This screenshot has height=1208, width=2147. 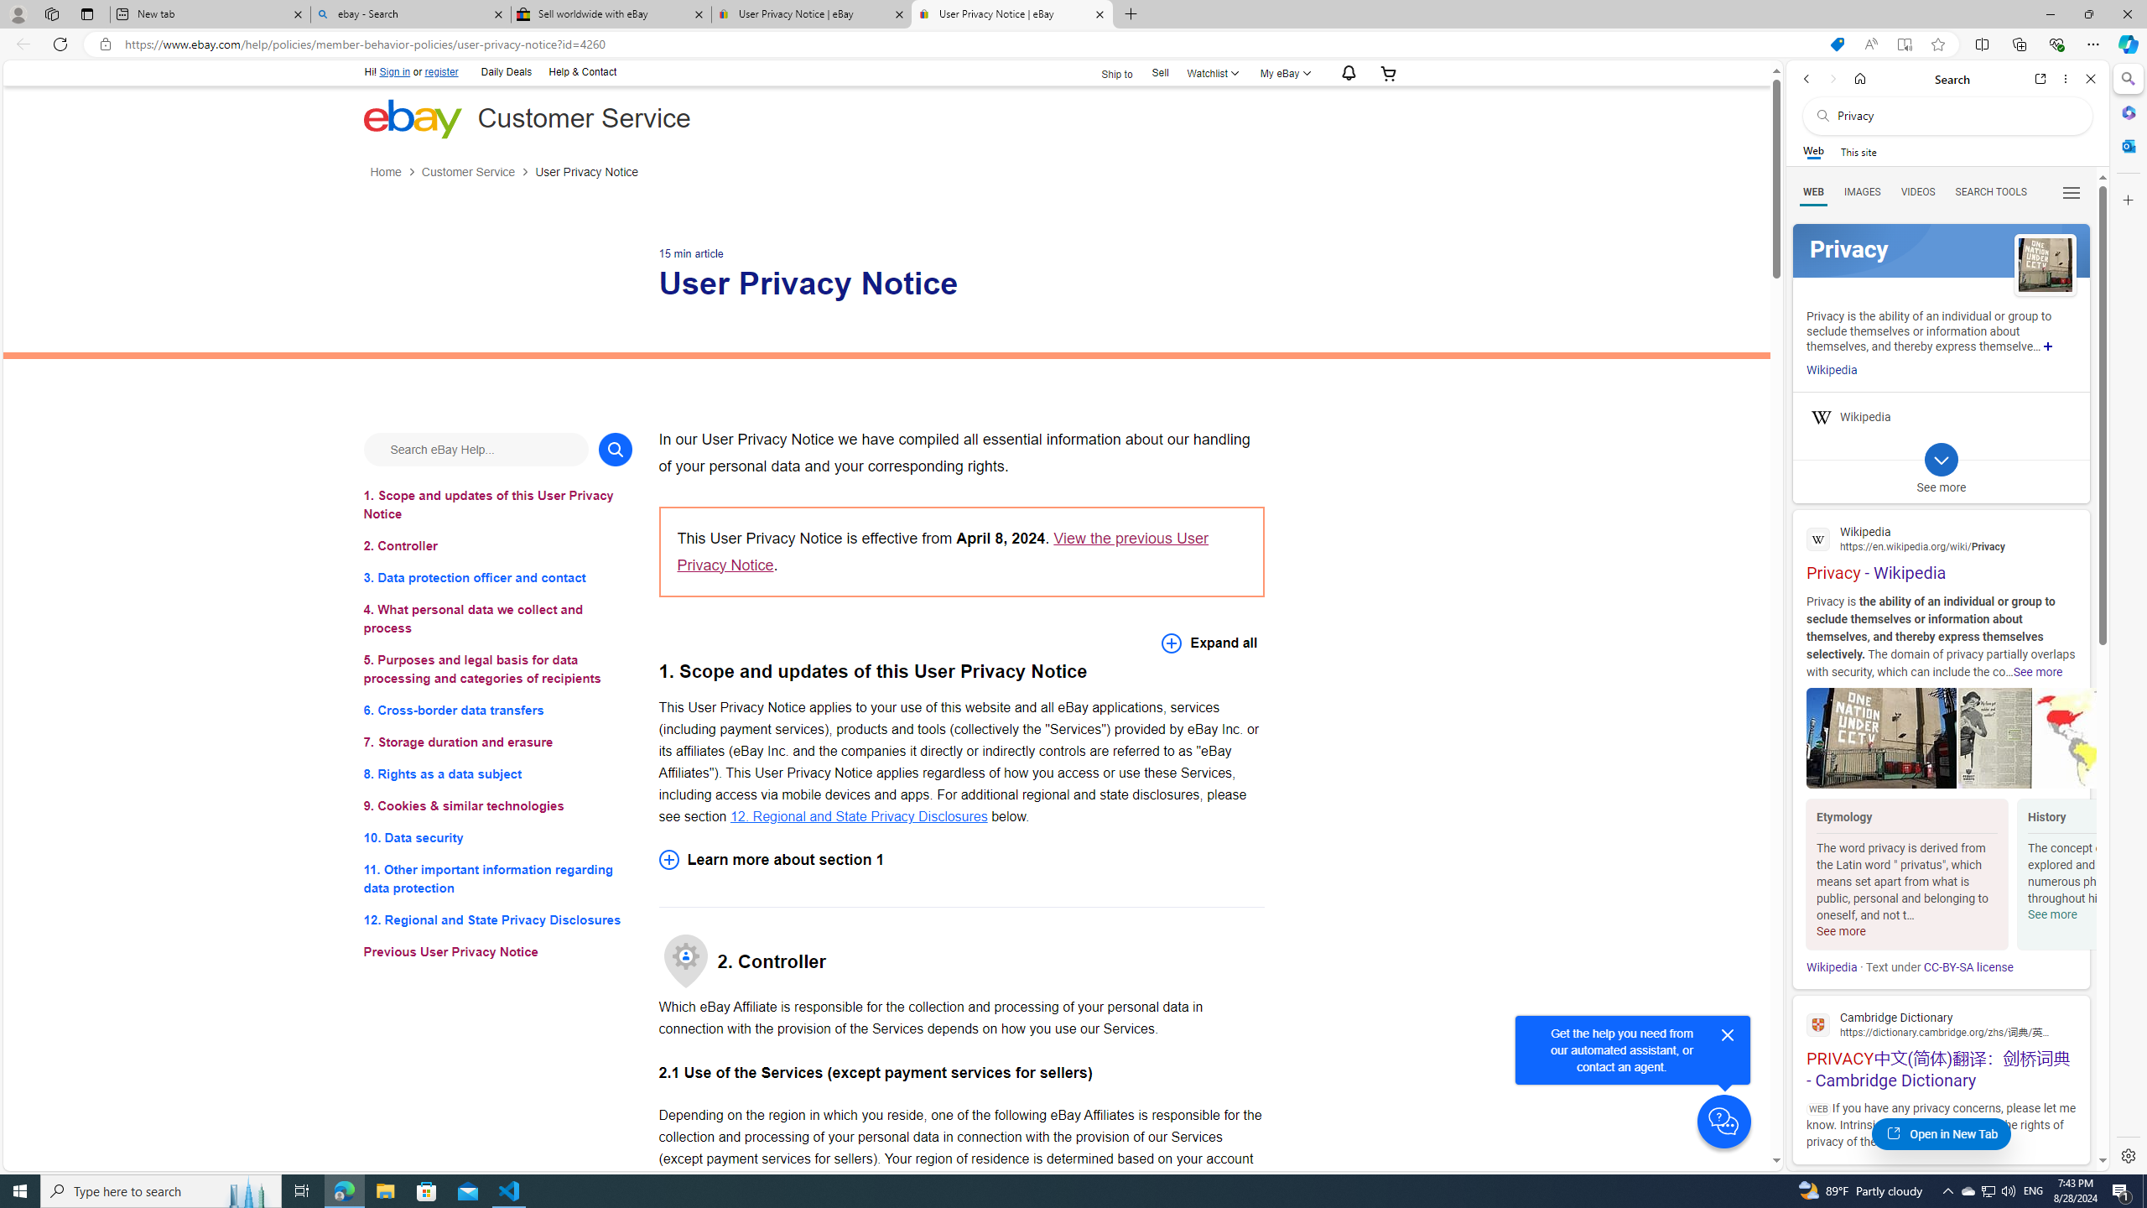 I want to click on 'Settings', so click(x=2126, y=1154).